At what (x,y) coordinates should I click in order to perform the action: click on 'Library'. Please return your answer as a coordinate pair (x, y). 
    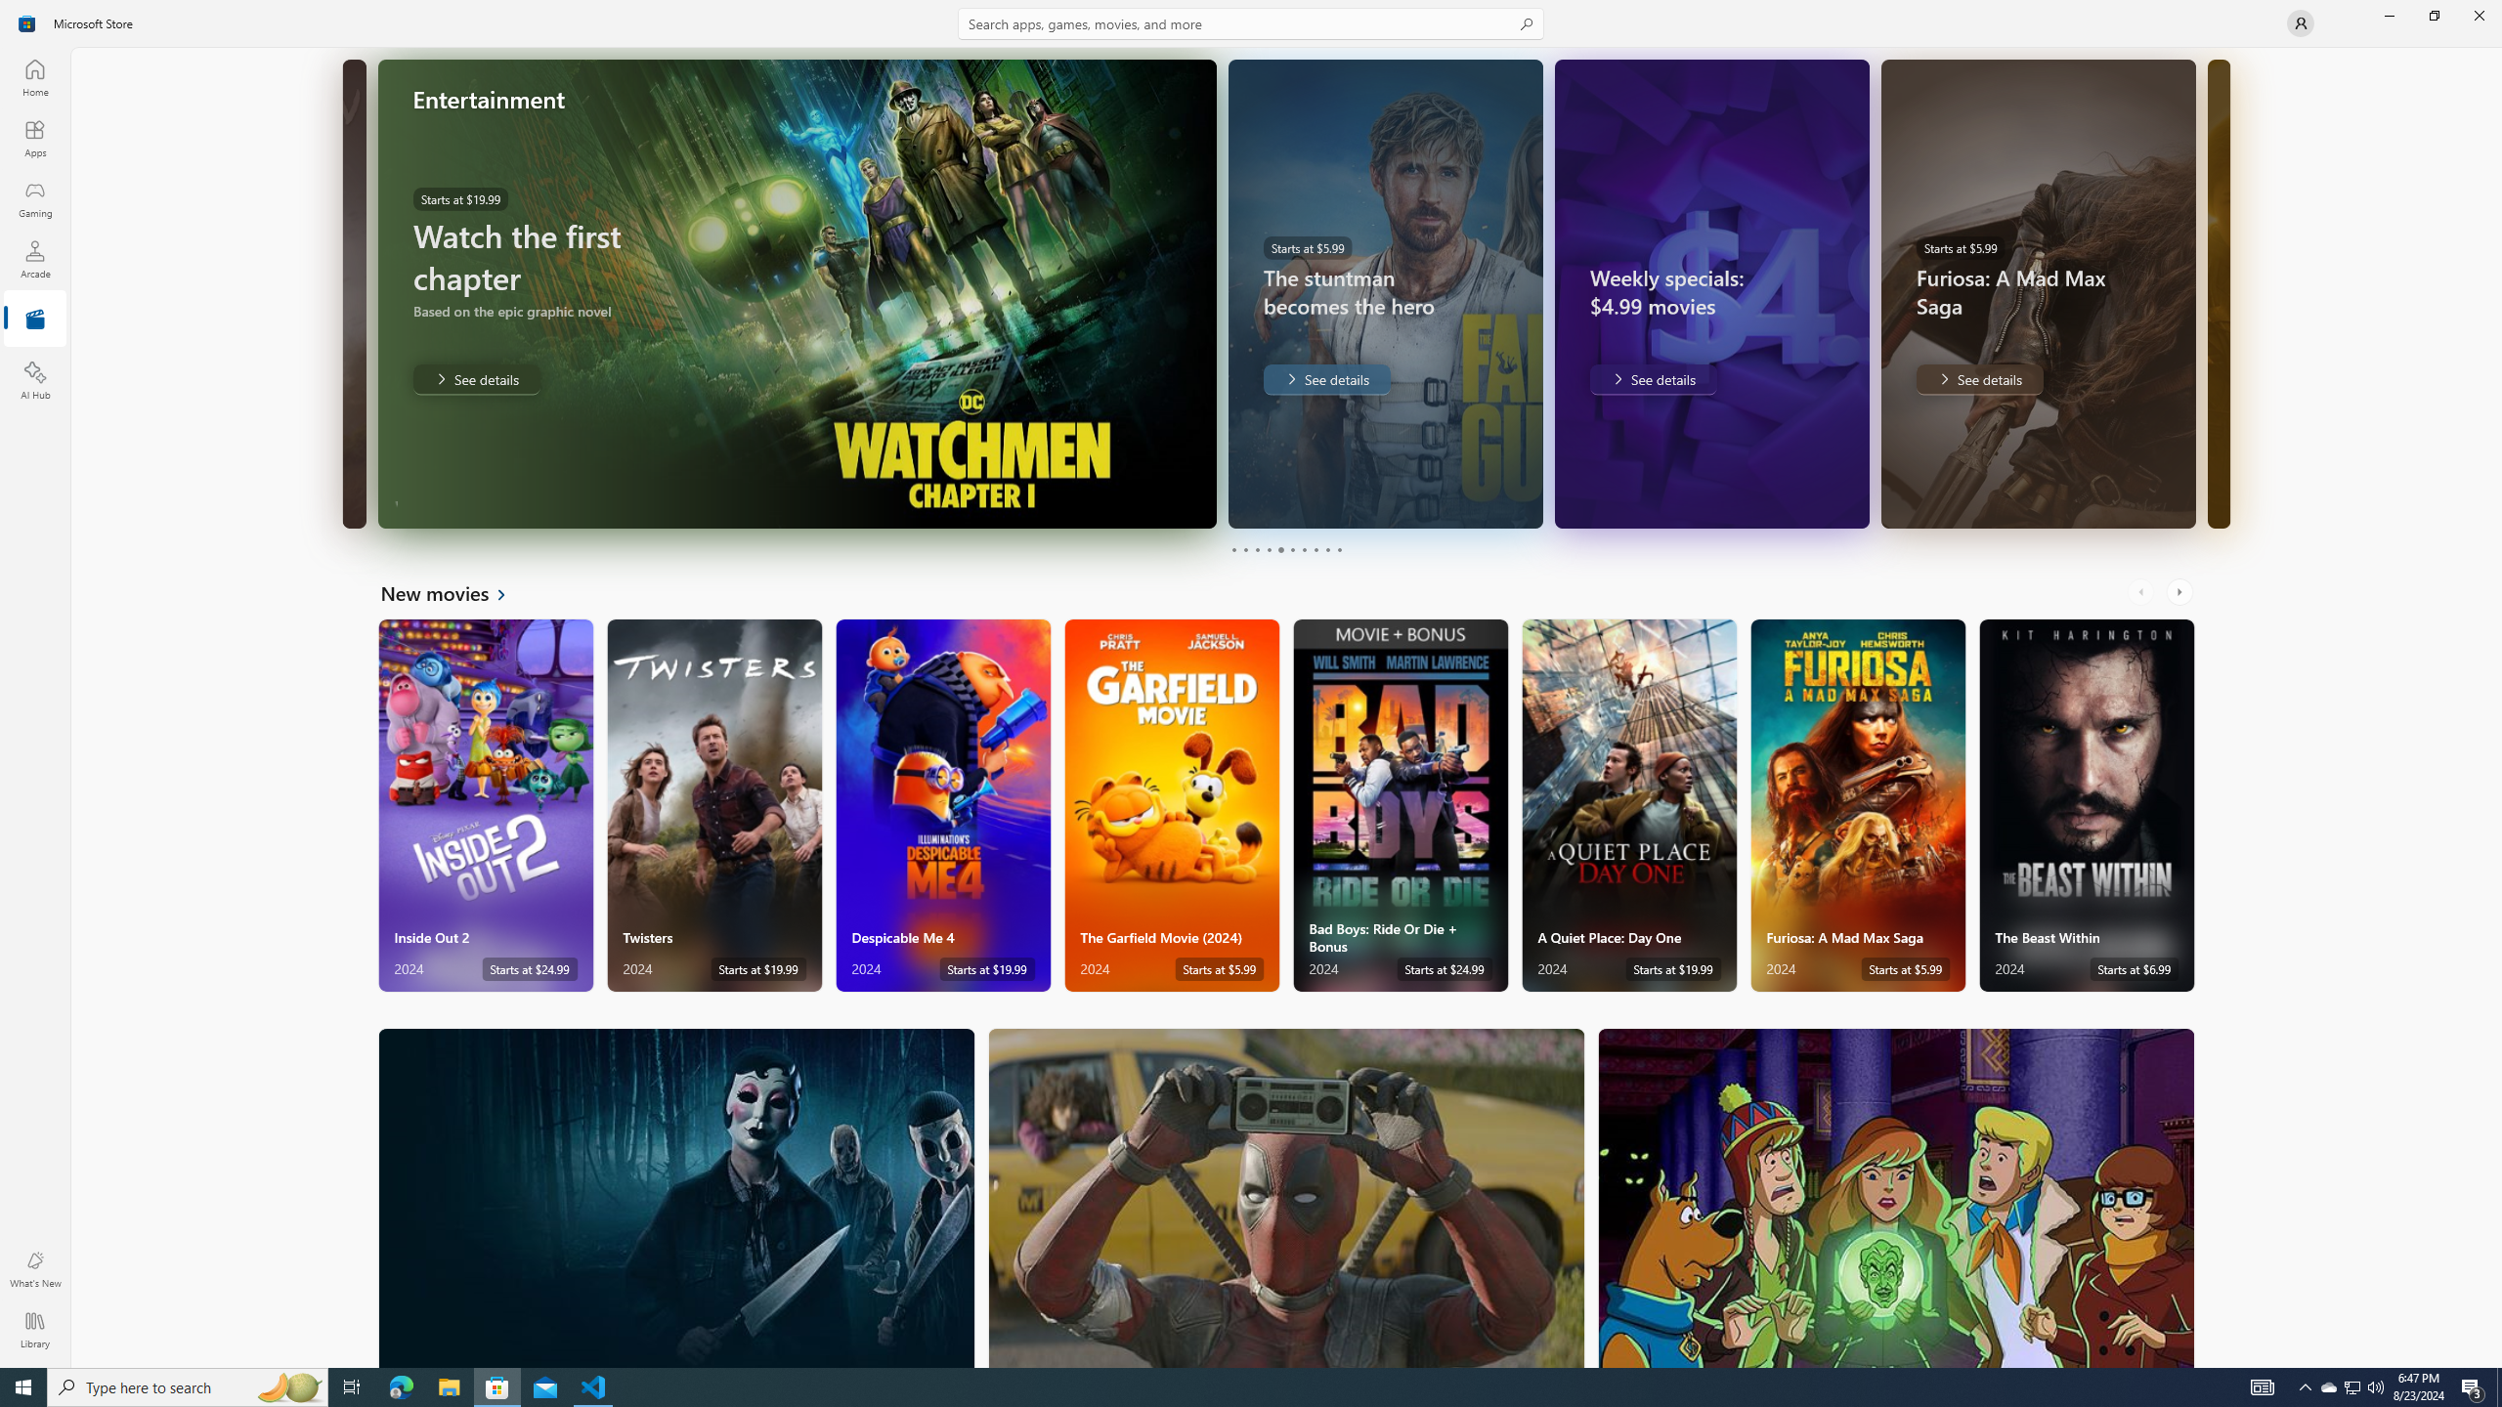
    Looking at the image, I should click on (33, 1329).